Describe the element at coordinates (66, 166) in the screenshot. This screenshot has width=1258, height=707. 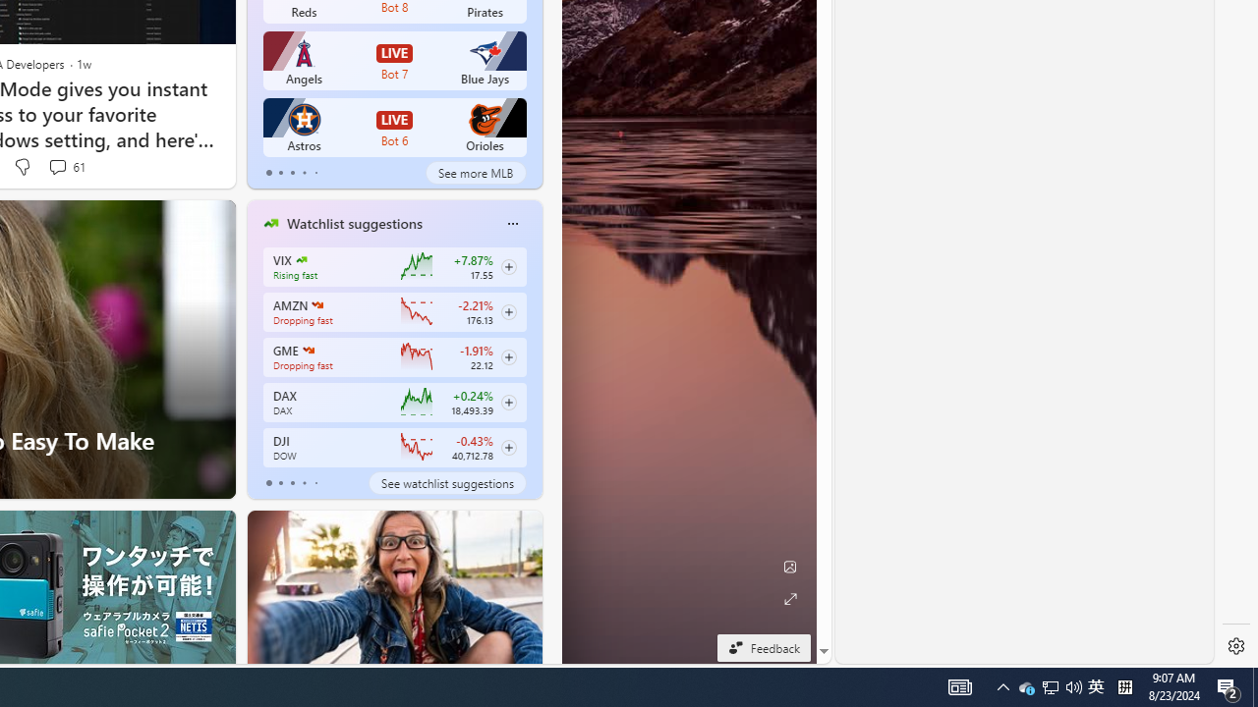
I see `'View comments 61 Comment'` at that location.